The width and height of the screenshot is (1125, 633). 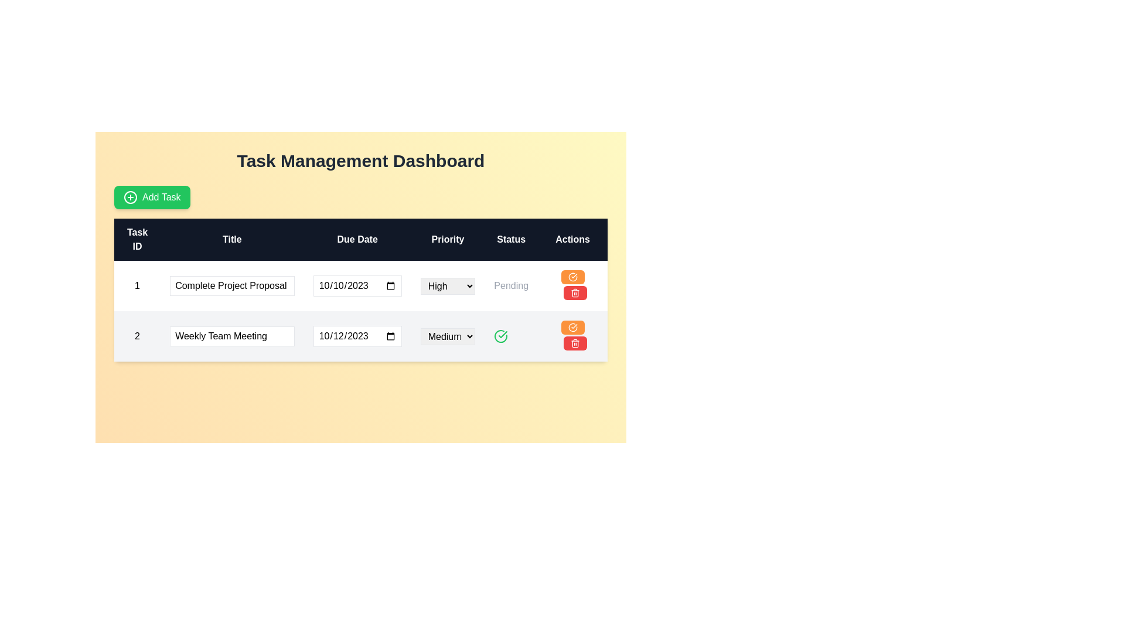 What do you see at coordinates (572, 328) in the screenshot?
I see `the edit button located in the 'Actions' column of the table for the 'Weekly Team Meeting' task` at bounding box center [572, 328].